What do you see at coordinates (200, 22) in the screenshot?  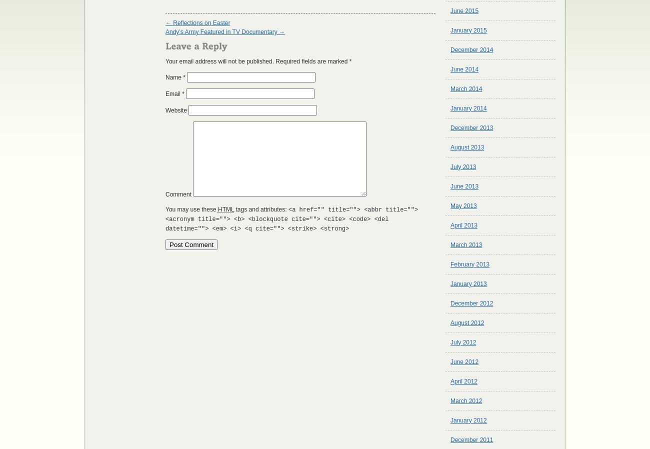 I see `'Reflections on Easter'` at bounding box center [200, 22].